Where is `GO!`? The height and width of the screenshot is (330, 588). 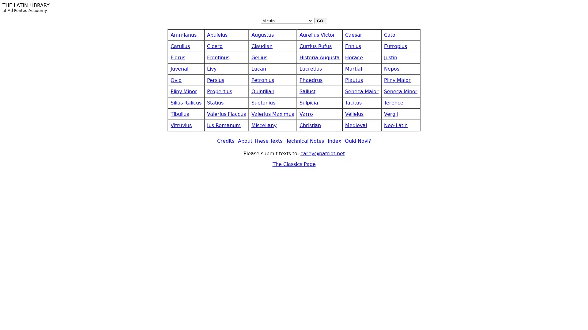
GO! is located at coordinates (320, 20).